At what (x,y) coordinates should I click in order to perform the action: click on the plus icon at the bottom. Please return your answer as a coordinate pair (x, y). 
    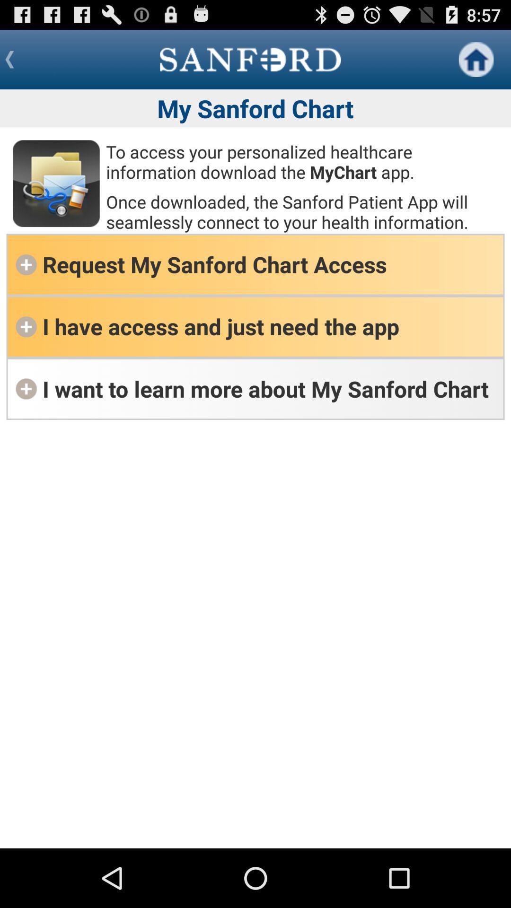
    Looking at the image, I should click on (26, 389).